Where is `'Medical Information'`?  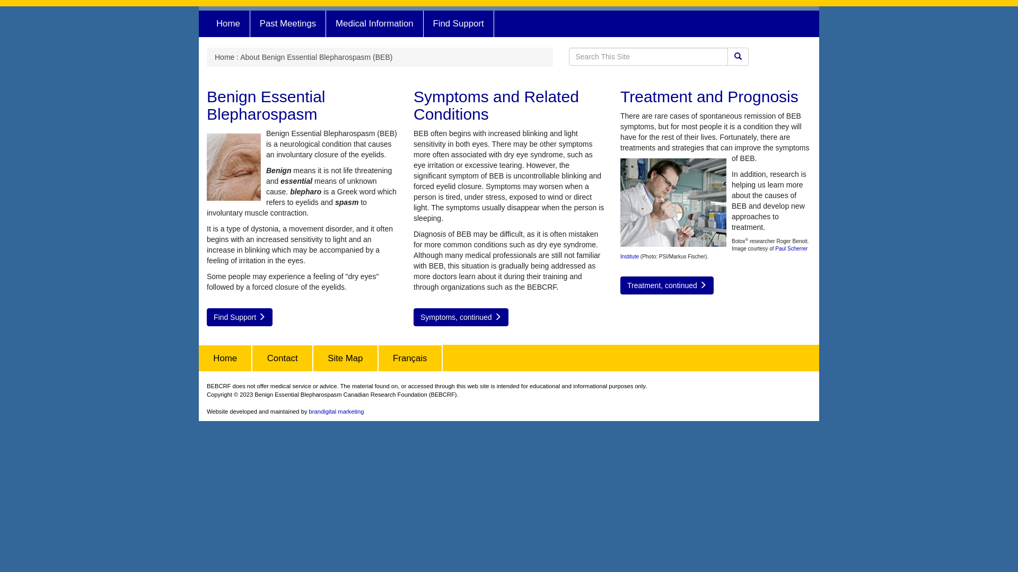 'Medical Information' is located at coordinates (374, 24).